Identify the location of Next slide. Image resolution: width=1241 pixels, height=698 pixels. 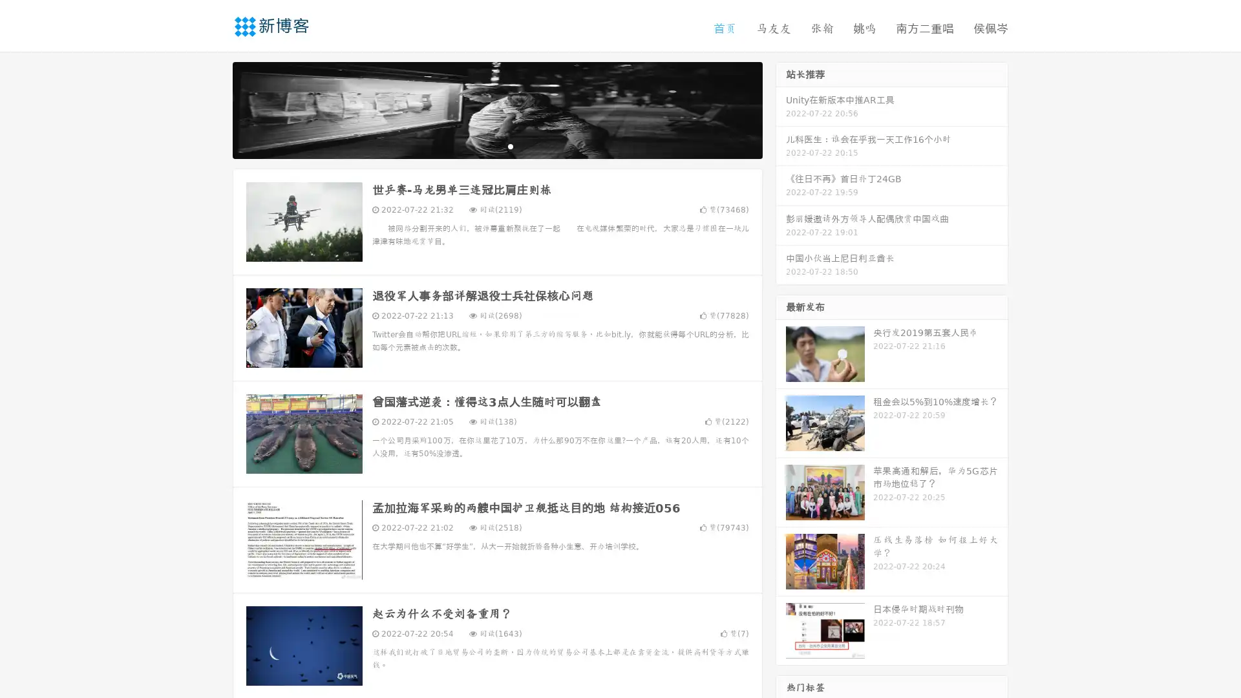
(781, 109).